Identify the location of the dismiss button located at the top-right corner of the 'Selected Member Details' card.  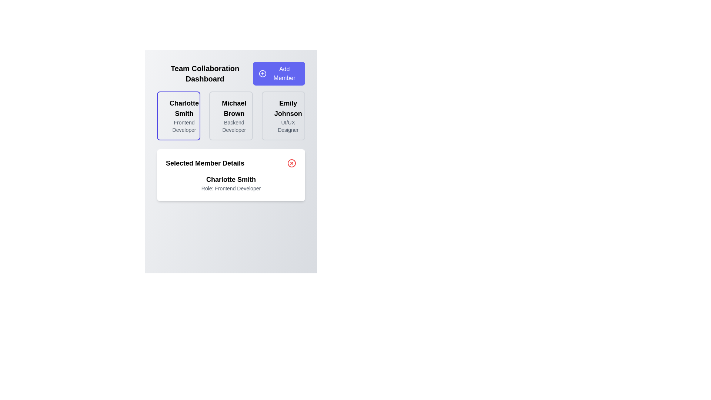
(291, 163).